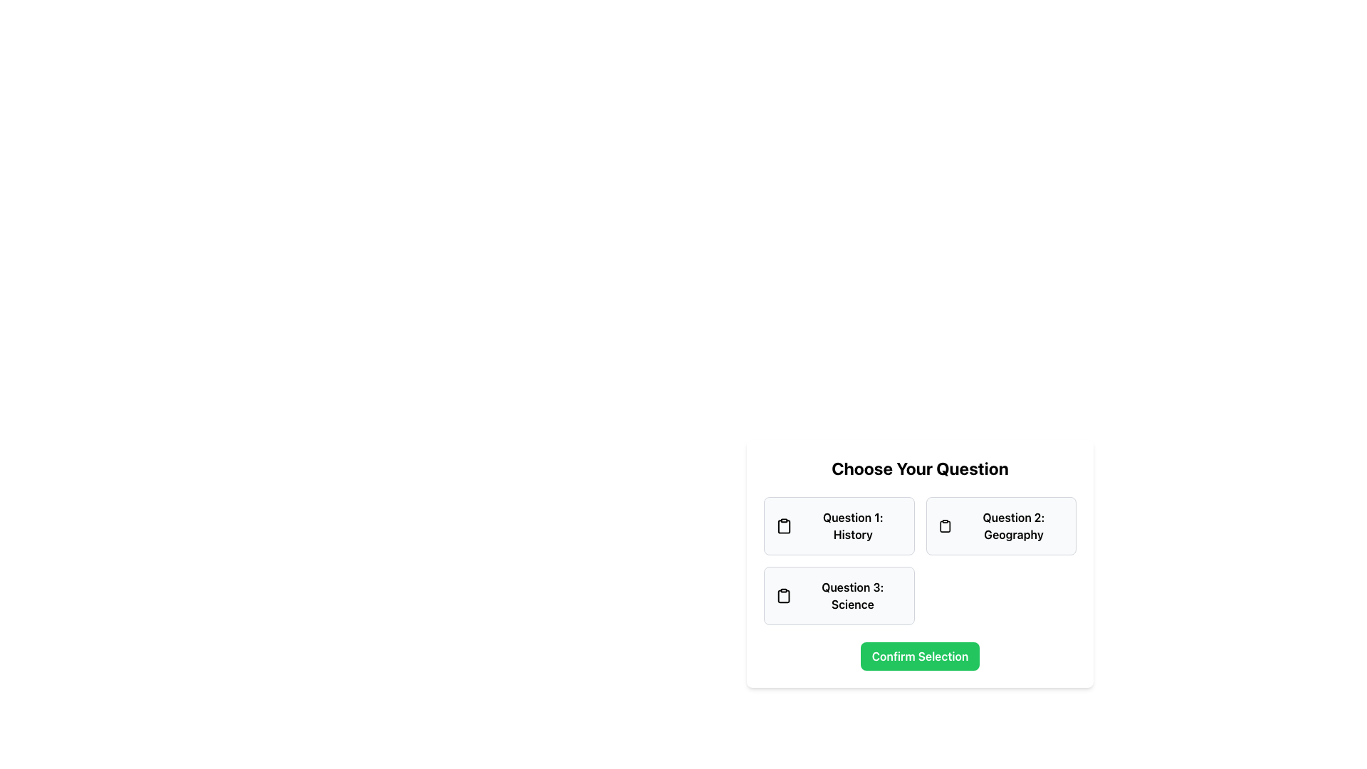 The width and height of the screenshot is (1367, 769). What do you see at coordinates (945, 526) in the screenshot?
I see `the graphical representation symbolizing the 'Question 2: Geography' option, positioned to the left of the associated text in the top right quadrant` at bounding box center [945, 526].